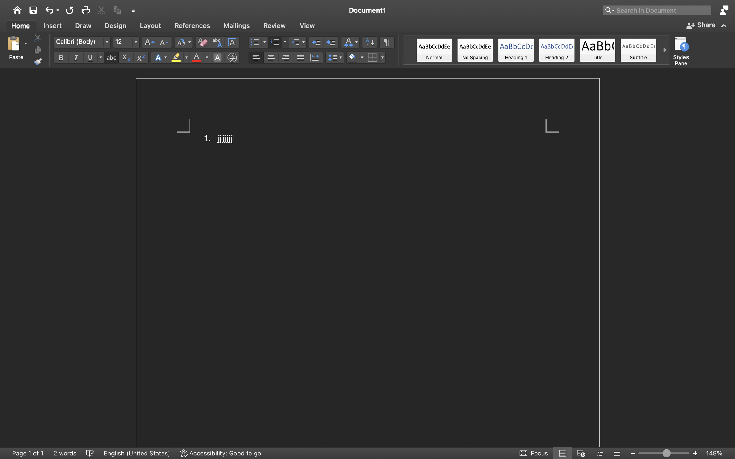 Image resolution: width=735 pixels, height=459 pixels. I want to click on '1123.0', so click(664, 453).